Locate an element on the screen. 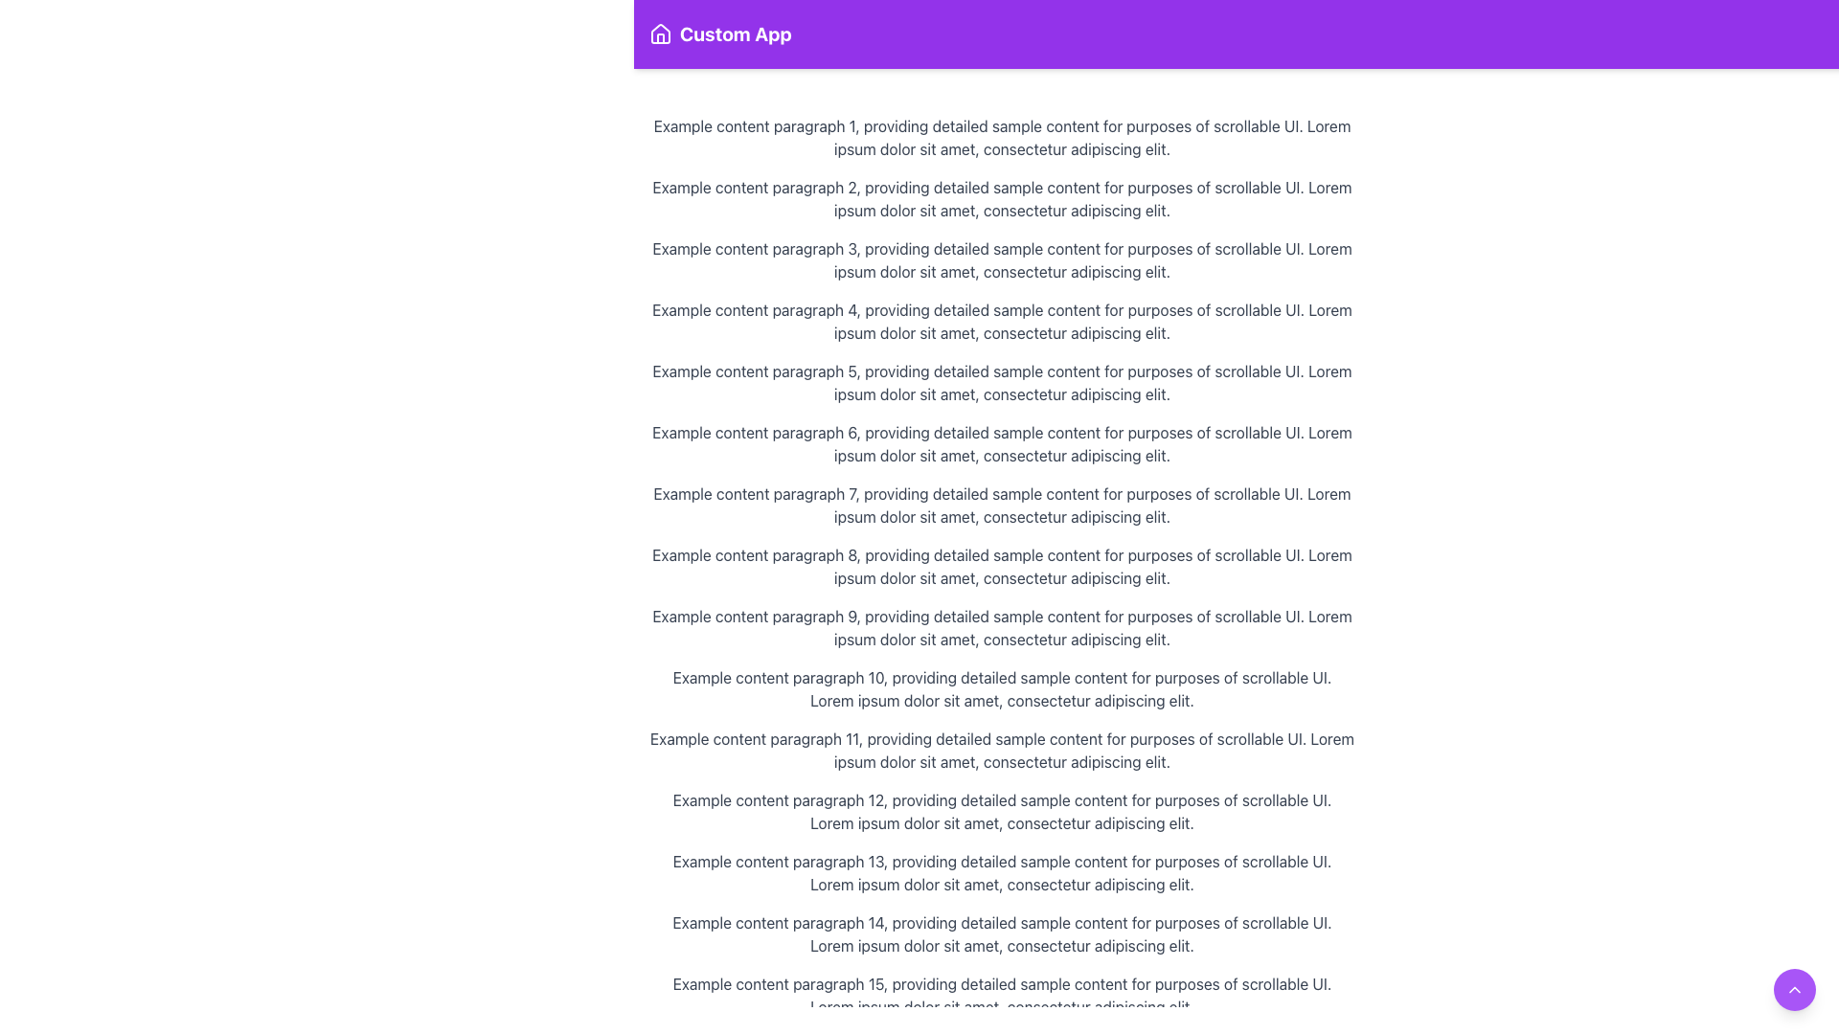 This screenshot has width=1839, height=1034. the fourth paragraph of text styled in gray color, which contains the content 'Example content paragraph 4, providing detailed sample content for purposes of scrollable UI.' is located at coordinates (1001, 320).